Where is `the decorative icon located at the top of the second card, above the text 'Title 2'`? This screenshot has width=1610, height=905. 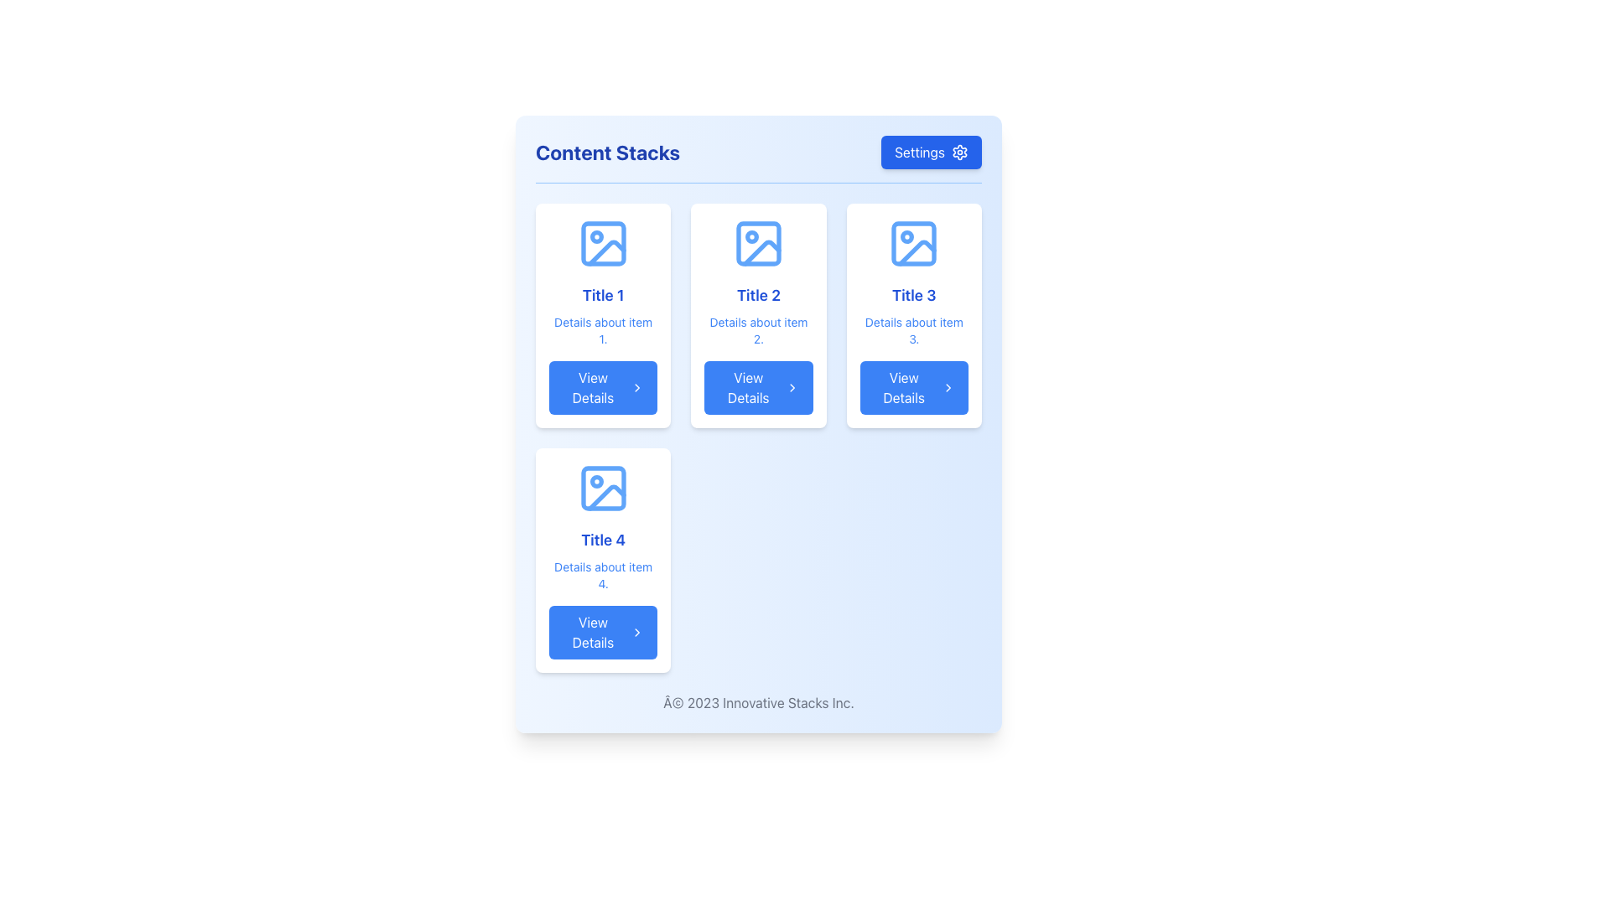
the decorative icon located at the top of the second card, above the text 'Title 2' is located at coordinates (757, 243).